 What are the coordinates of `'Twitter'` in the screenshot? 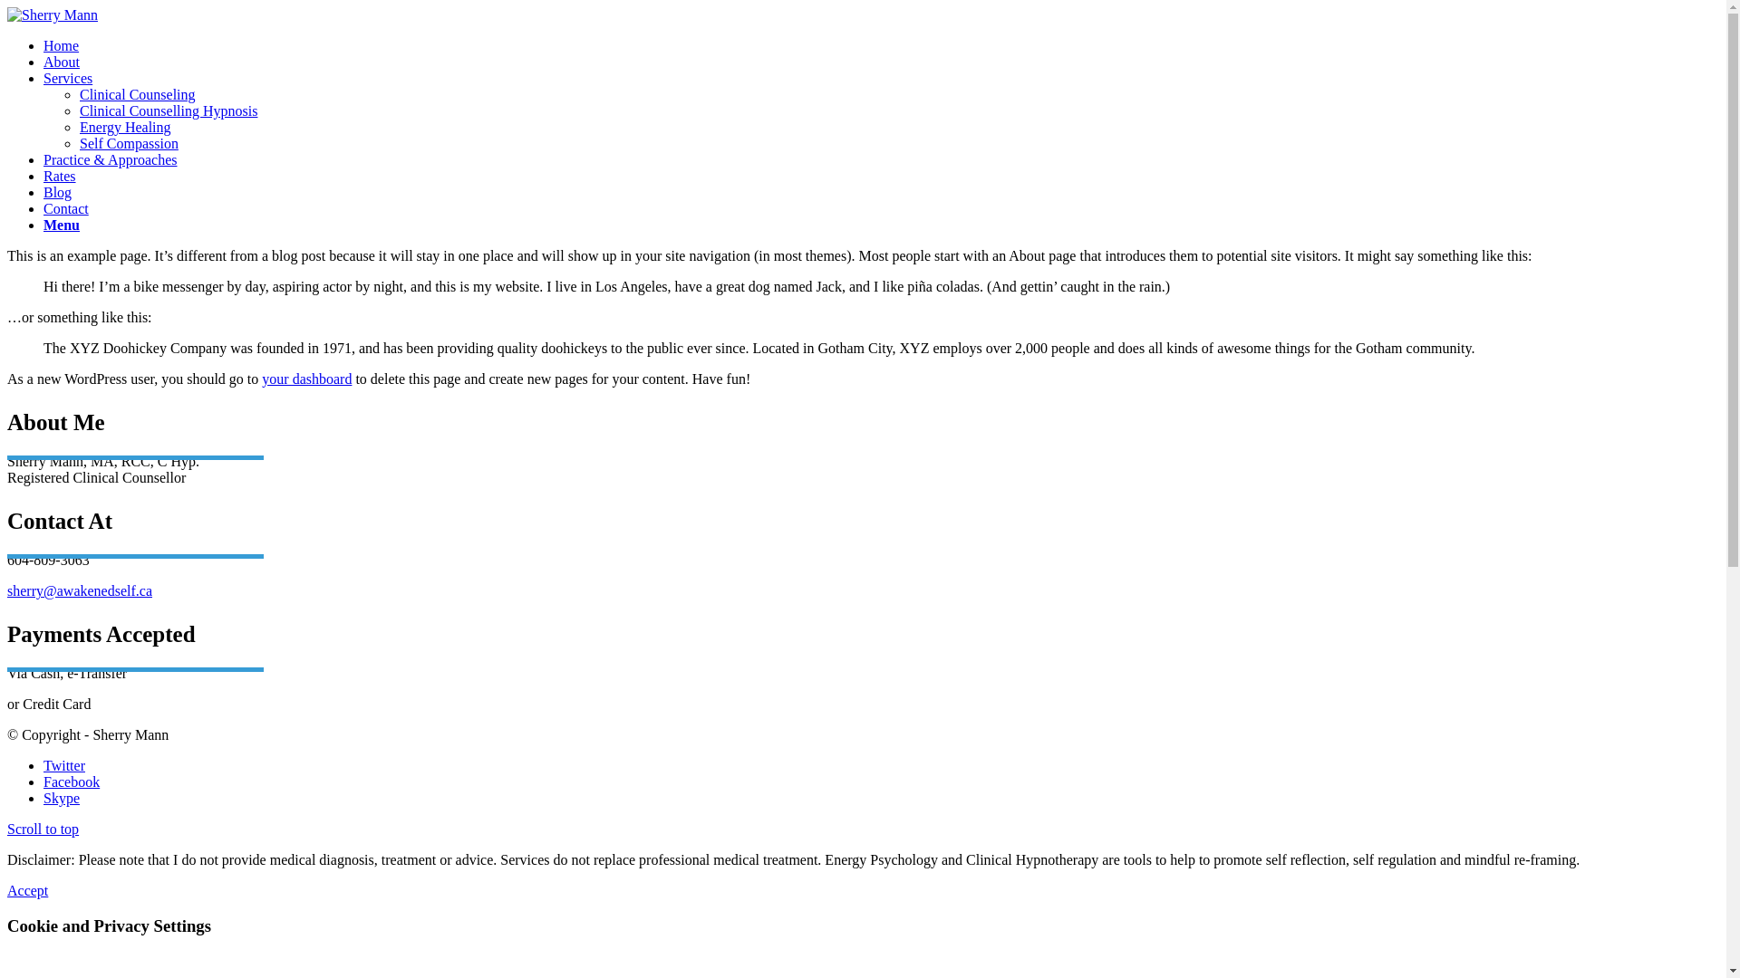 It's located at (64, 765).